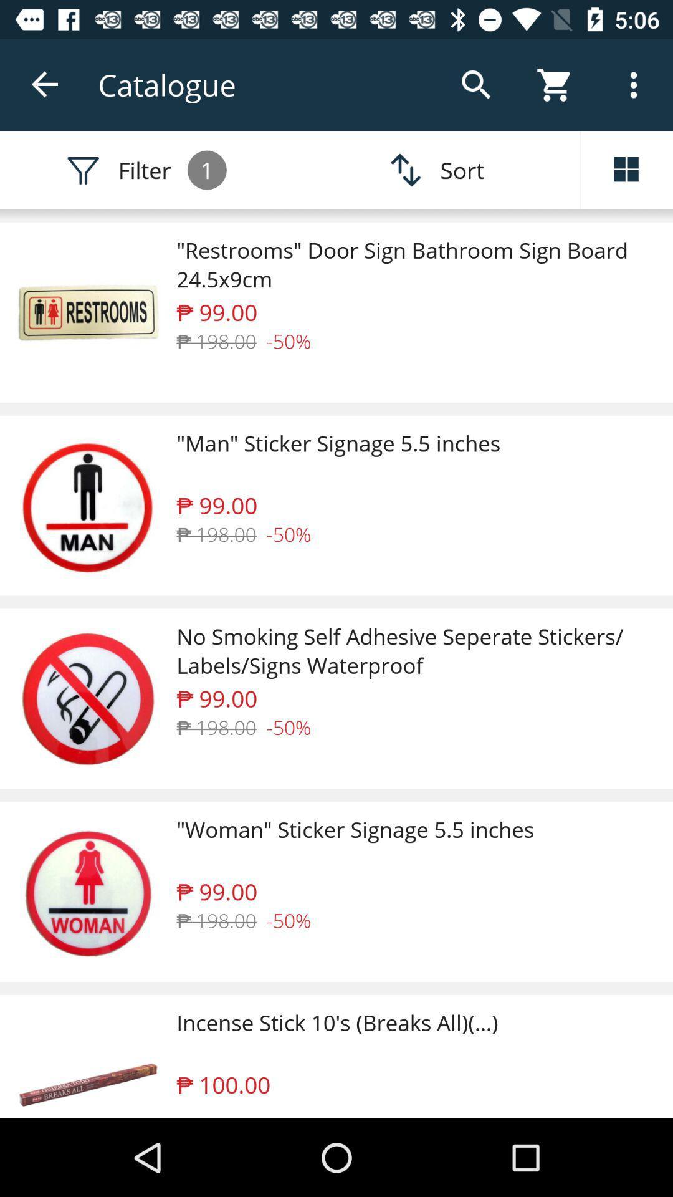 This screenshot has width=673, height=1197. Describe the element at coordinates (627, 170) in the screenshot. I see `list view` at that location.